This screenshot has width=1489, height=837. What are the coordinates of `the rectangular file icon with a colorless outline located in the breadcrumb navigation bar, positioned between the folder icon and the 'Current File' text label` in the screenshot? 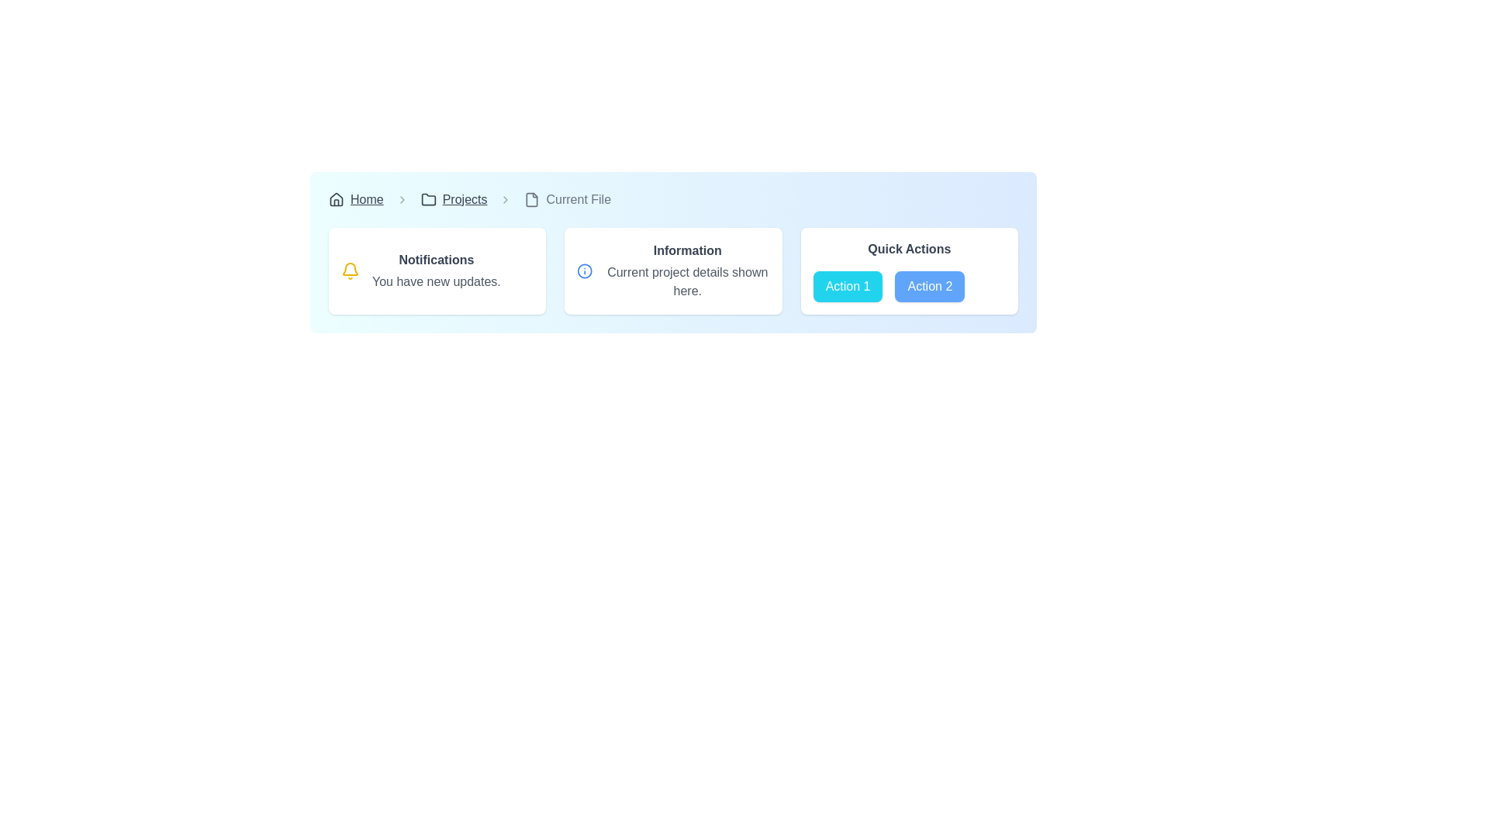 It's located at (532, 199).